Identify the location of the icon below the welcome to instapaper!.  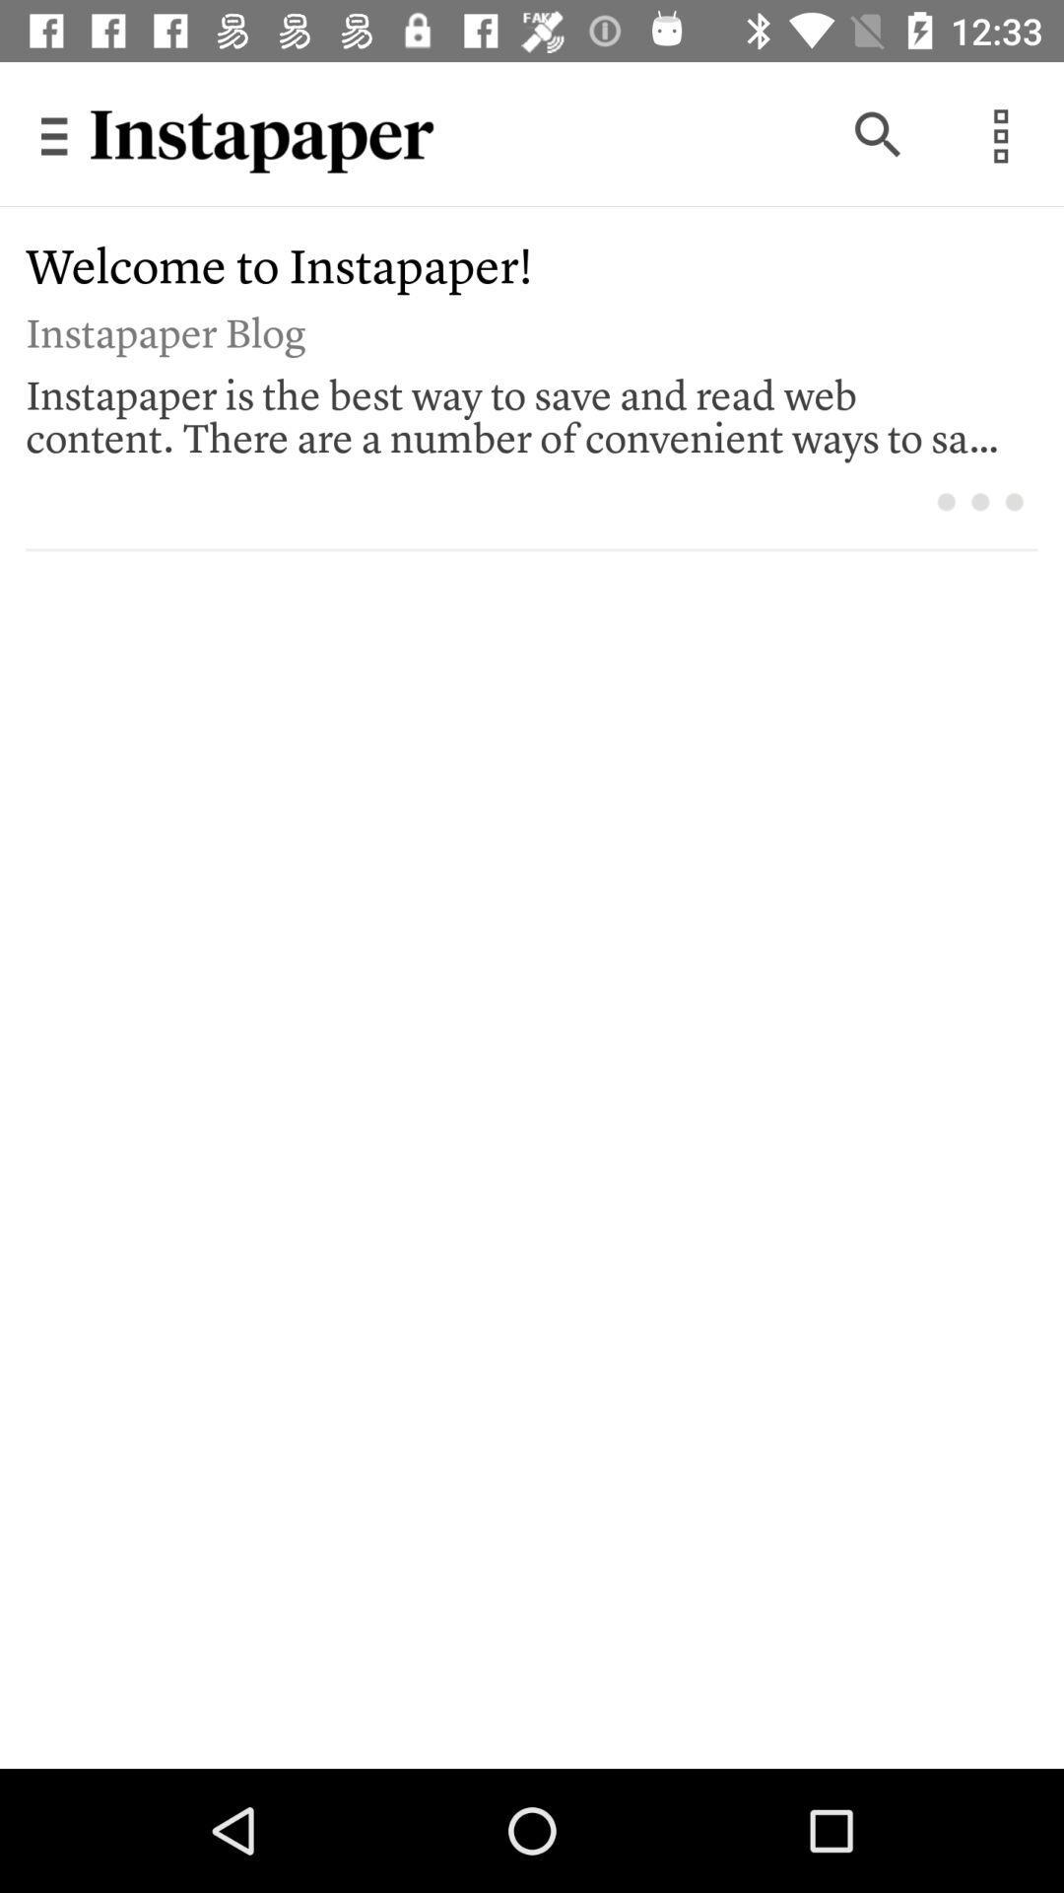
(517, 329).